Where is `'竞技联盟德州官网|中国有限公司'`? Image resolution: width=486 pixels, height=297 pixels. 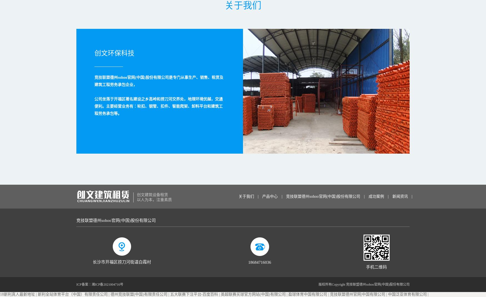 '竞技联盟德州官网|中国有限公司' is located at coordinates (357, 294).